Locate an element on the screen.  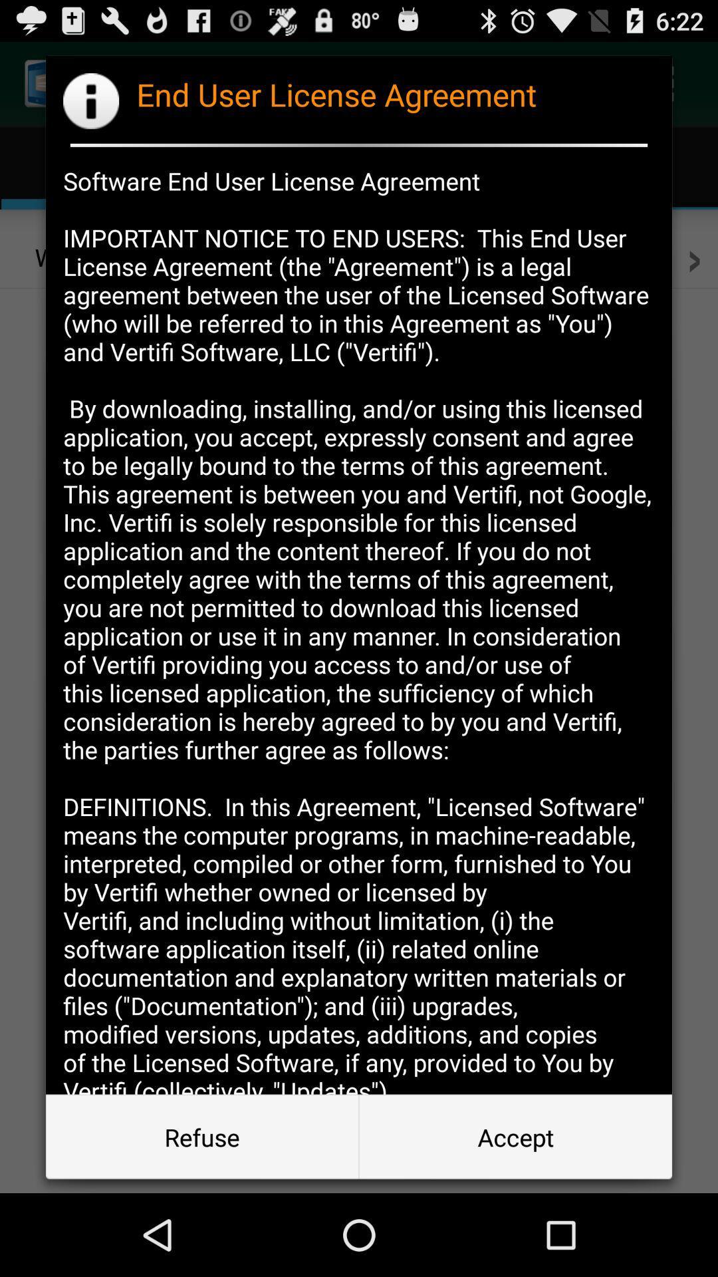
accept button is located at coordinates (515, 1136).